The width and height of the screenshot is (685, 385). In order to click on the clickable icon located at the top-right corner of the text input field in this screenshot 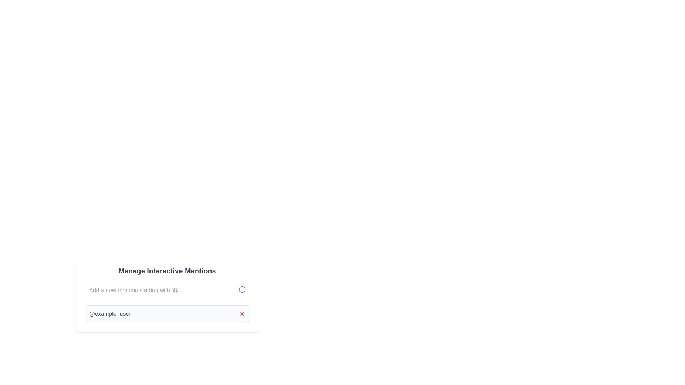, I will do `click(242, 289)`.